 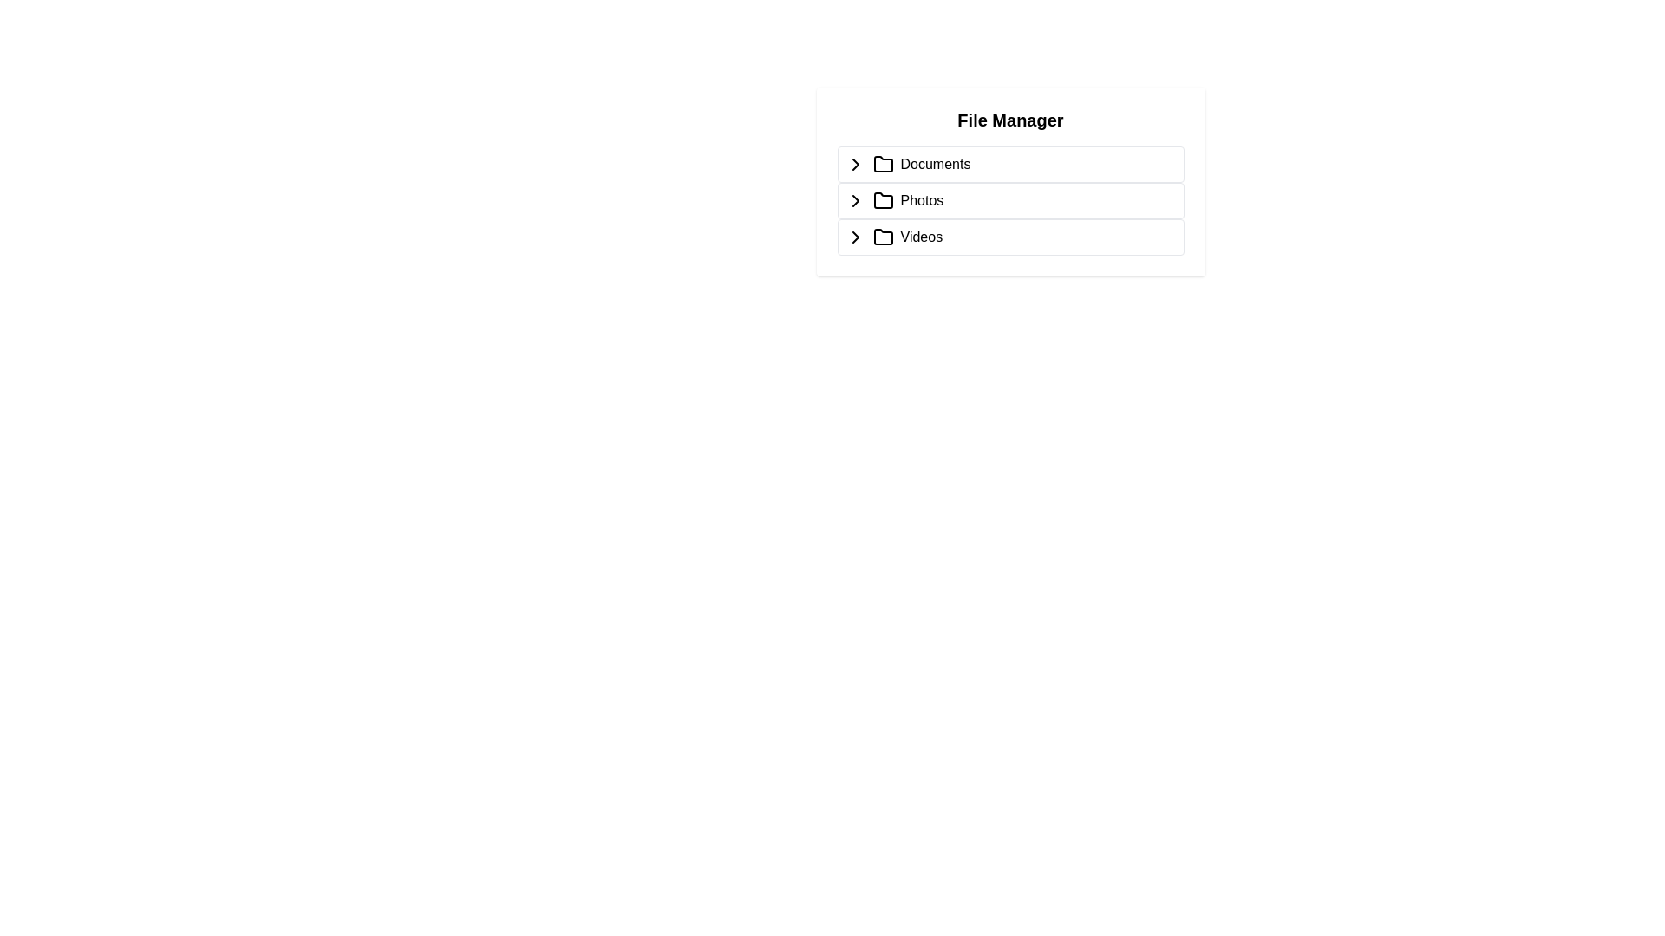 What do you see at coordinates (855, 199) in the screenshot?
I see `the toggle button (arrow icon) next to the 'Photos' folder` at bounding box center [855, 199].